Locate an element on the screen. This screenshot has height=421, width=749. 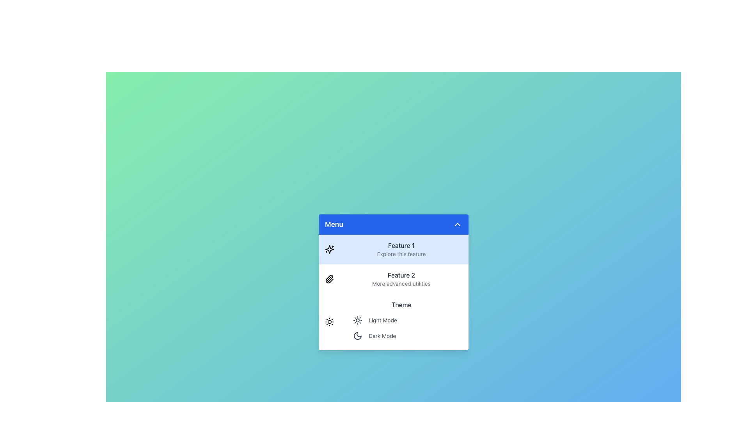
the textual label displaying 'Explore this feature' located below the header text 'Feature 1' in a small-sized, gray font is located at coordinates (401, 254).